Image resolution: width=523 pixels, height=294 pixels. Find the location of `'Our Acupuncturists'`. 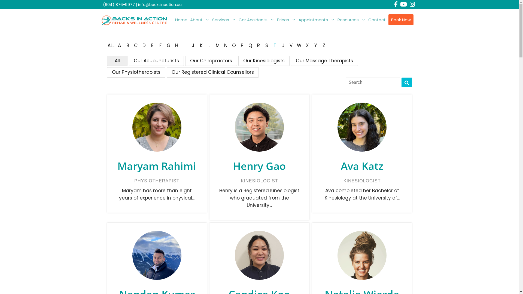

'Our Acupuncturists' is located at coordinates (156, 60).